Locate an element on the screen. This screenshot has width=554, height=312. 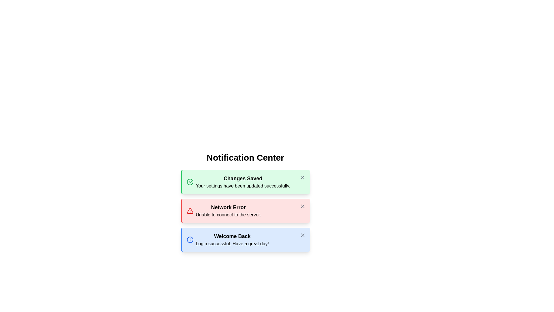
error details from the middle notification alert box with a light red background and bold black text saying 'Network Error' is located at coordinates (245, 211).